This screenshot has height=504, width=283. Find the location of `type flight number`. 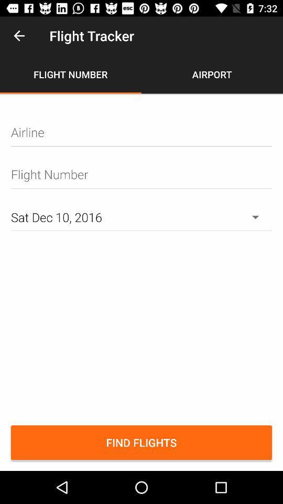

type flight number is located at coordinates (141, 174).